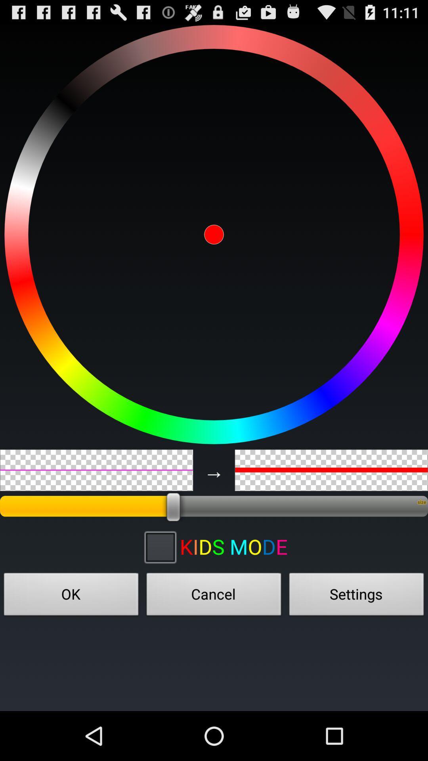 The image size is (428, 761). I want to click on button to the left of the settings item, so click(214, 597).